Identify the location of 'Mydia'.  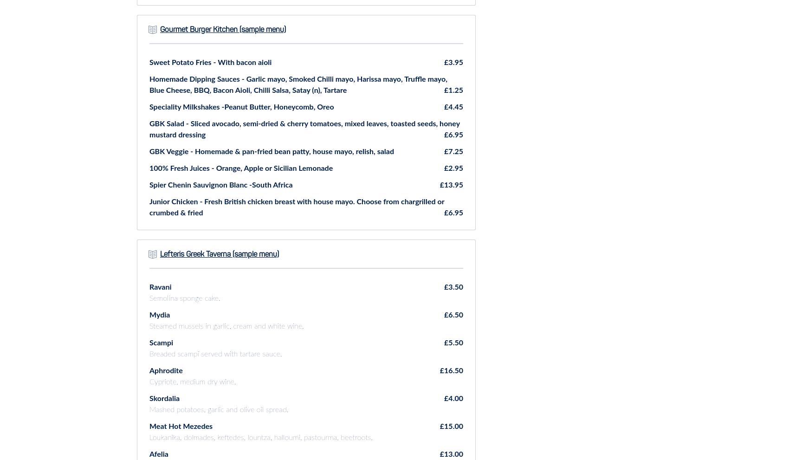
(159, 315).